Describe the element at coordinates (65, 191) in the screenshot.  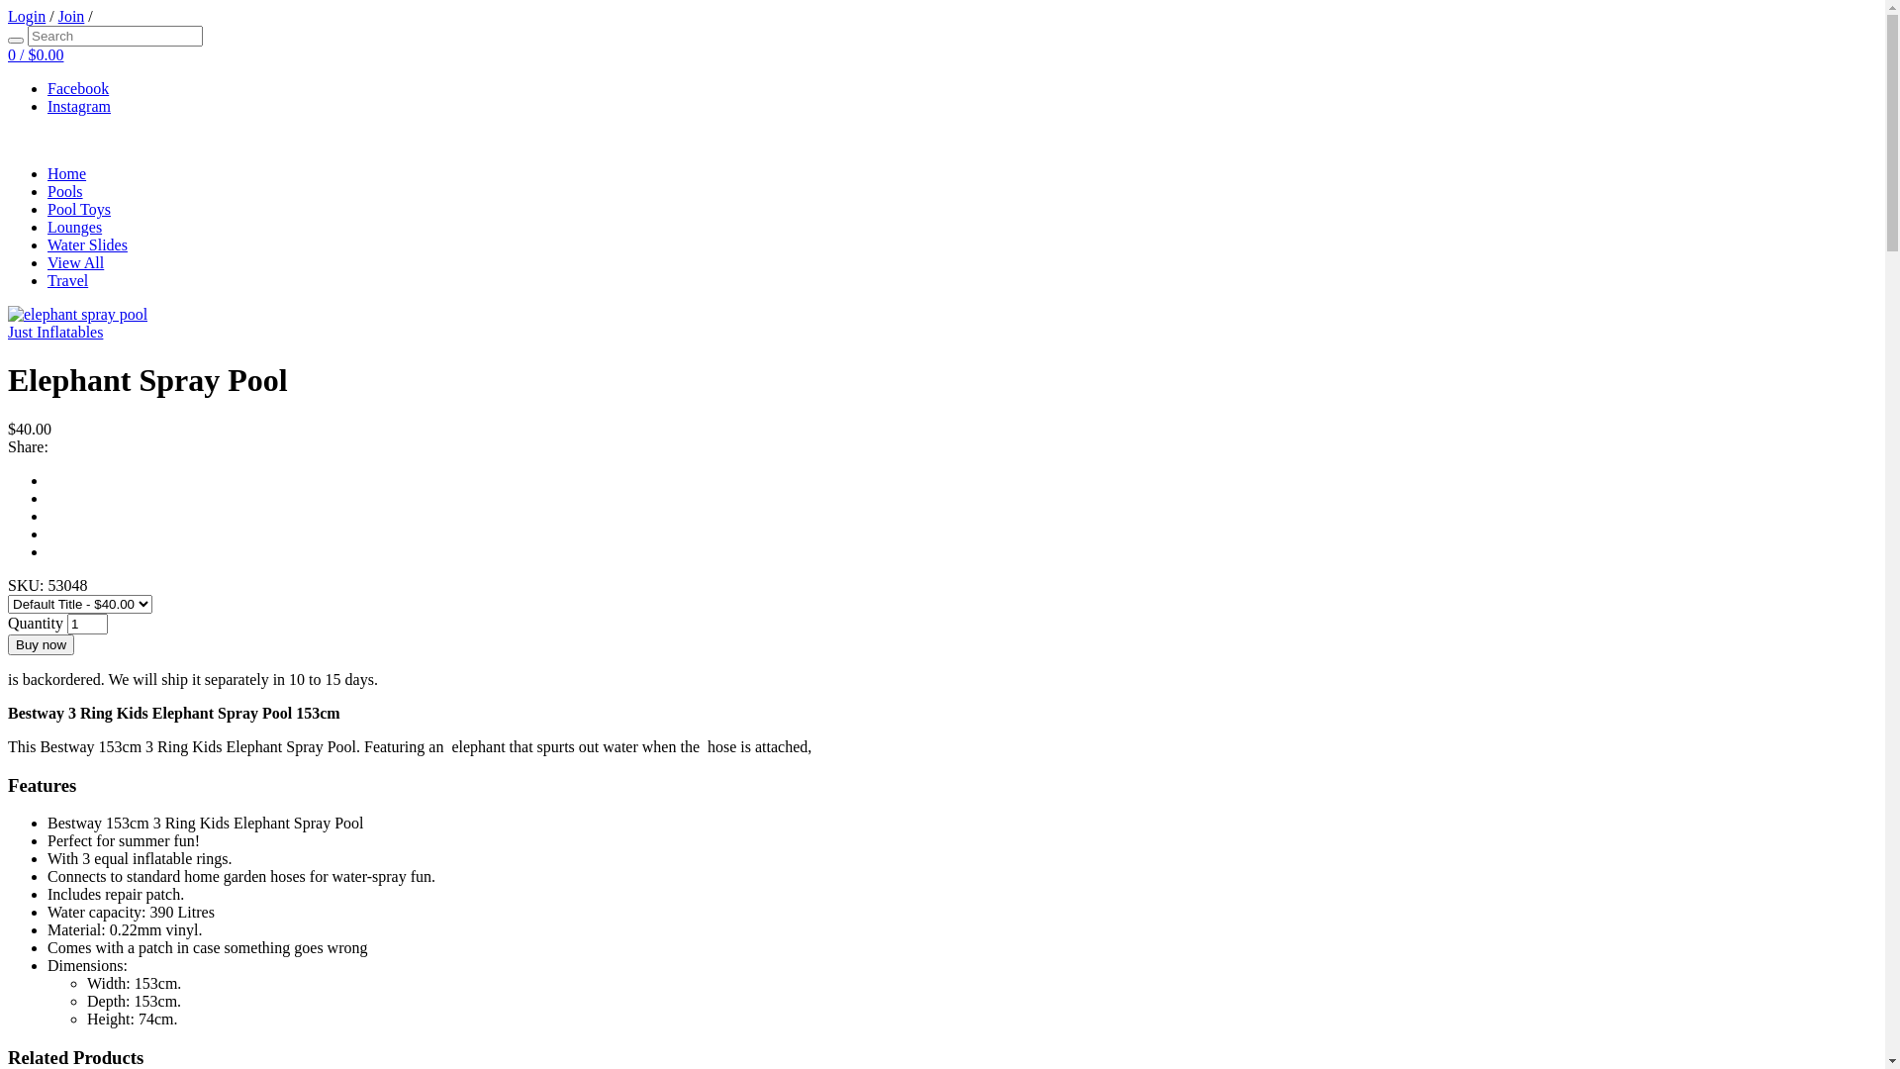
I see `'Pools'` at that location.